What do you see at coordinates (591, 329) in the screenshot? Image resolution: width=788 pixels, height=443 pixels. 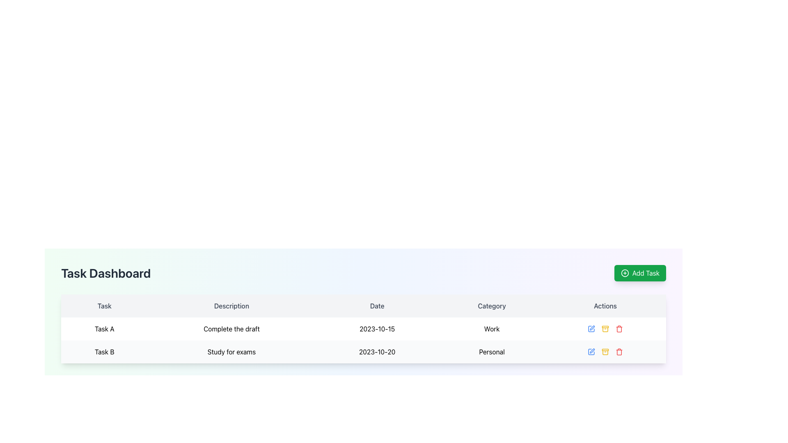 I see `the first icon in the action bar of the first row in the table` at bounding box center [591, 329].